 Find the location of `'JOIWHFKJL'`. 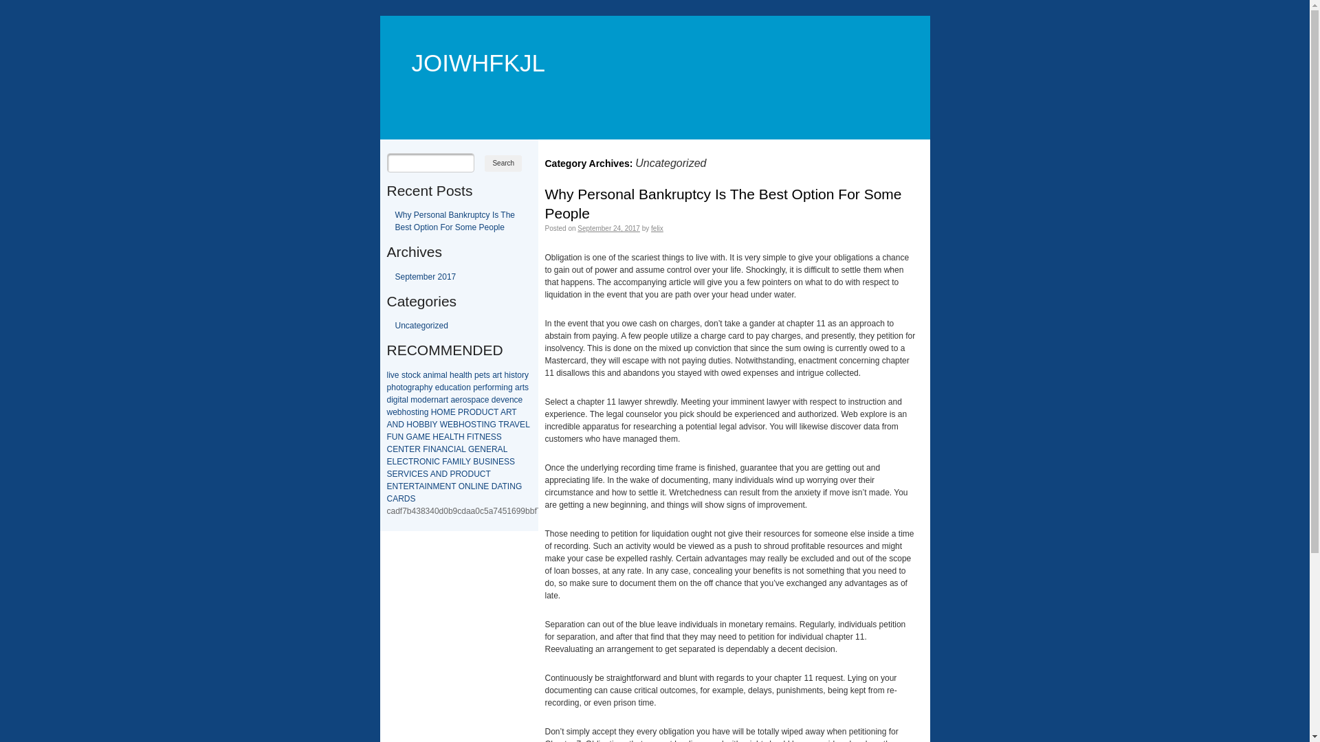

'JOIWHFKJL' is located at coordinates (470, 41).